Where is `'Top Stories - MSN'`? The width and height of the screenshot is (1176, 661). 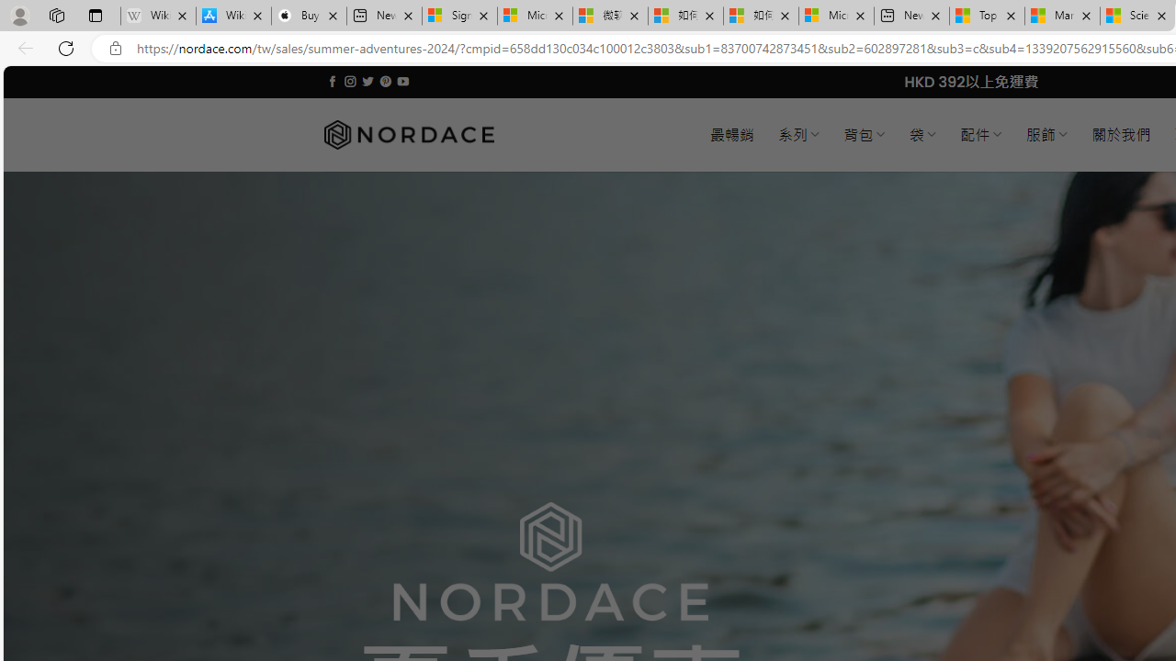
'Top Stories - MSN' is located at coordinates (986, 16).